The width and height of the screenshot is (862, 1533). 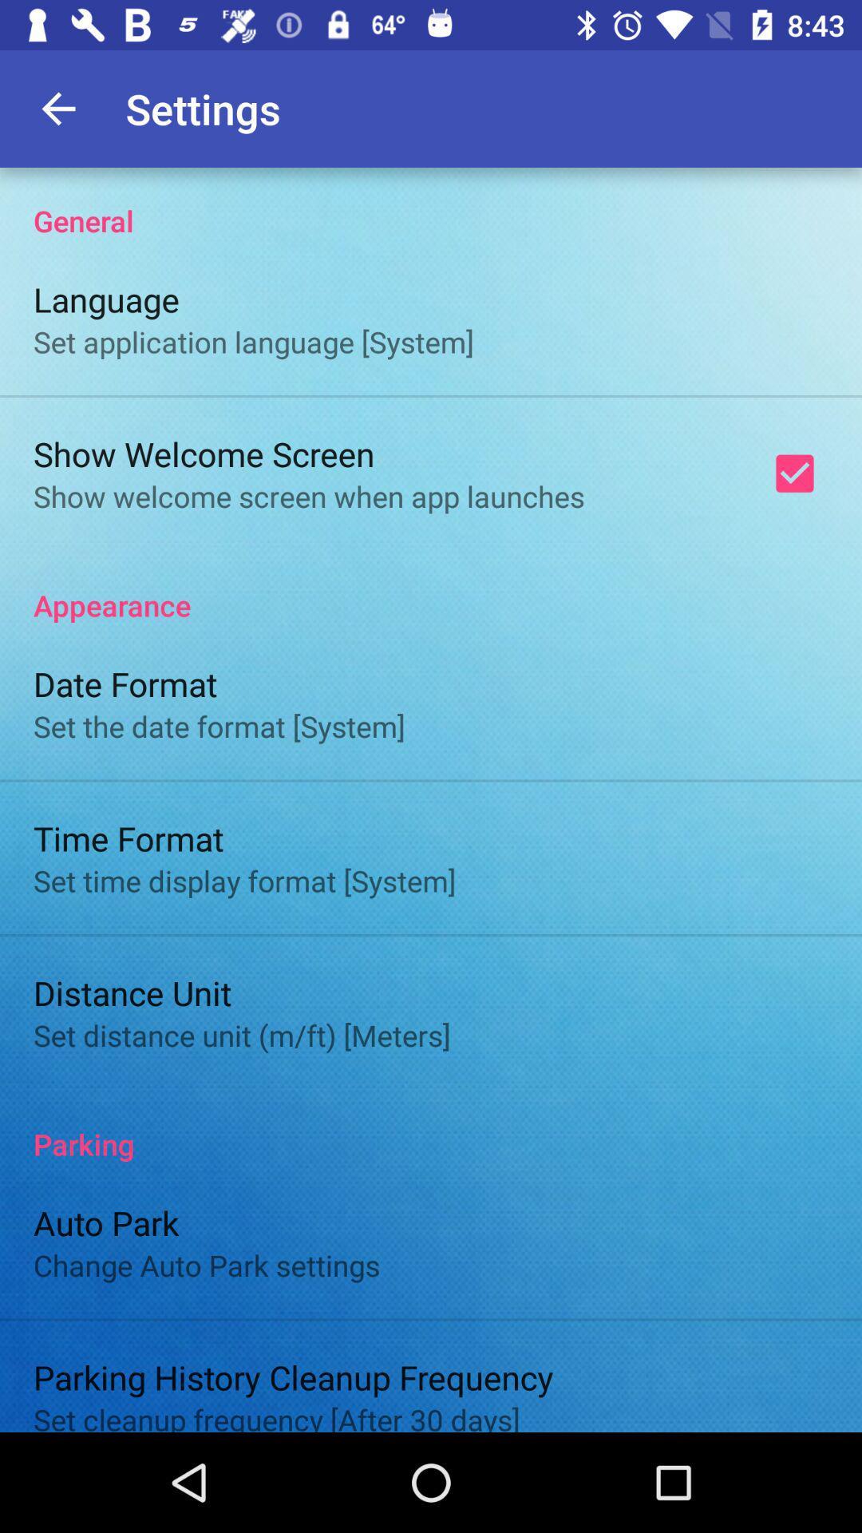 I want to click on the item next to the show welcome screen icon, so click(x=794, y=473).